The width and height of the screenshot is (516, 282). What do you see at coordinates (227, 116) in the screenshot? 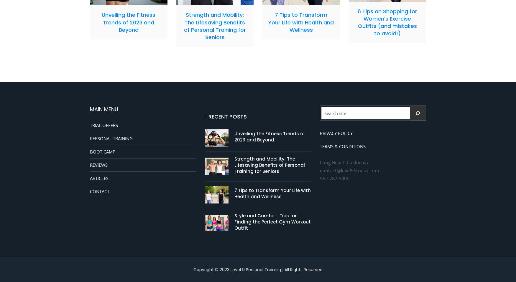
I see `'RECENT POSTS'` at bounding box center [227, 116].